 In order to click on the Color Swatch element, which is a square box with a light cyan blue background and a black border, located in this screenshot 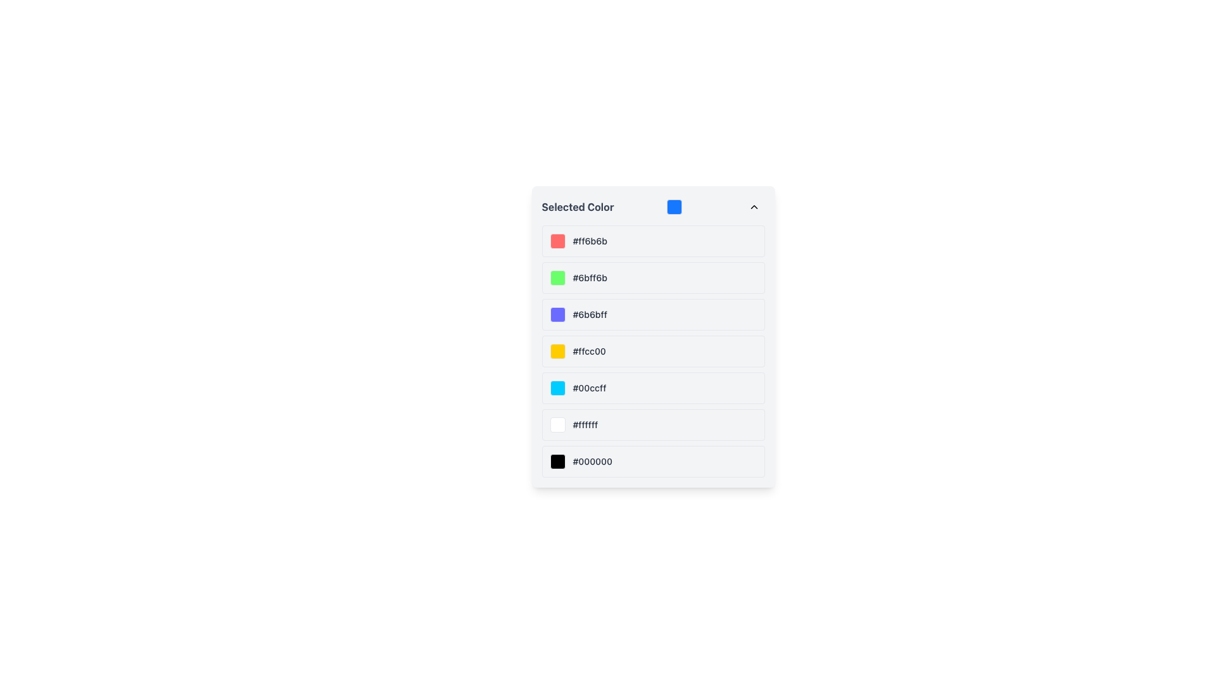, I will do `click(557, 388)`.